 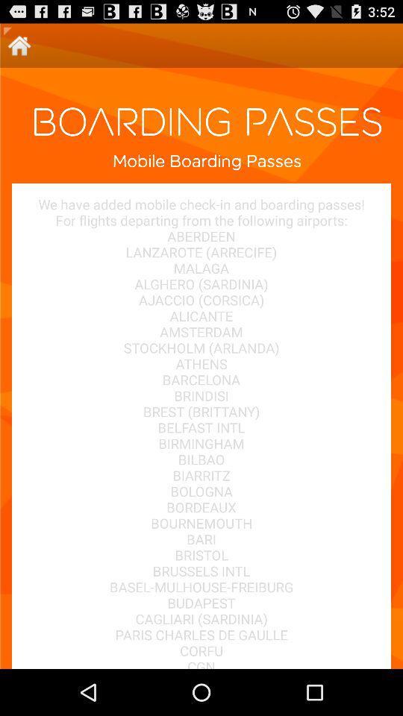 I want to click on home button, so click(x=19, y=45).